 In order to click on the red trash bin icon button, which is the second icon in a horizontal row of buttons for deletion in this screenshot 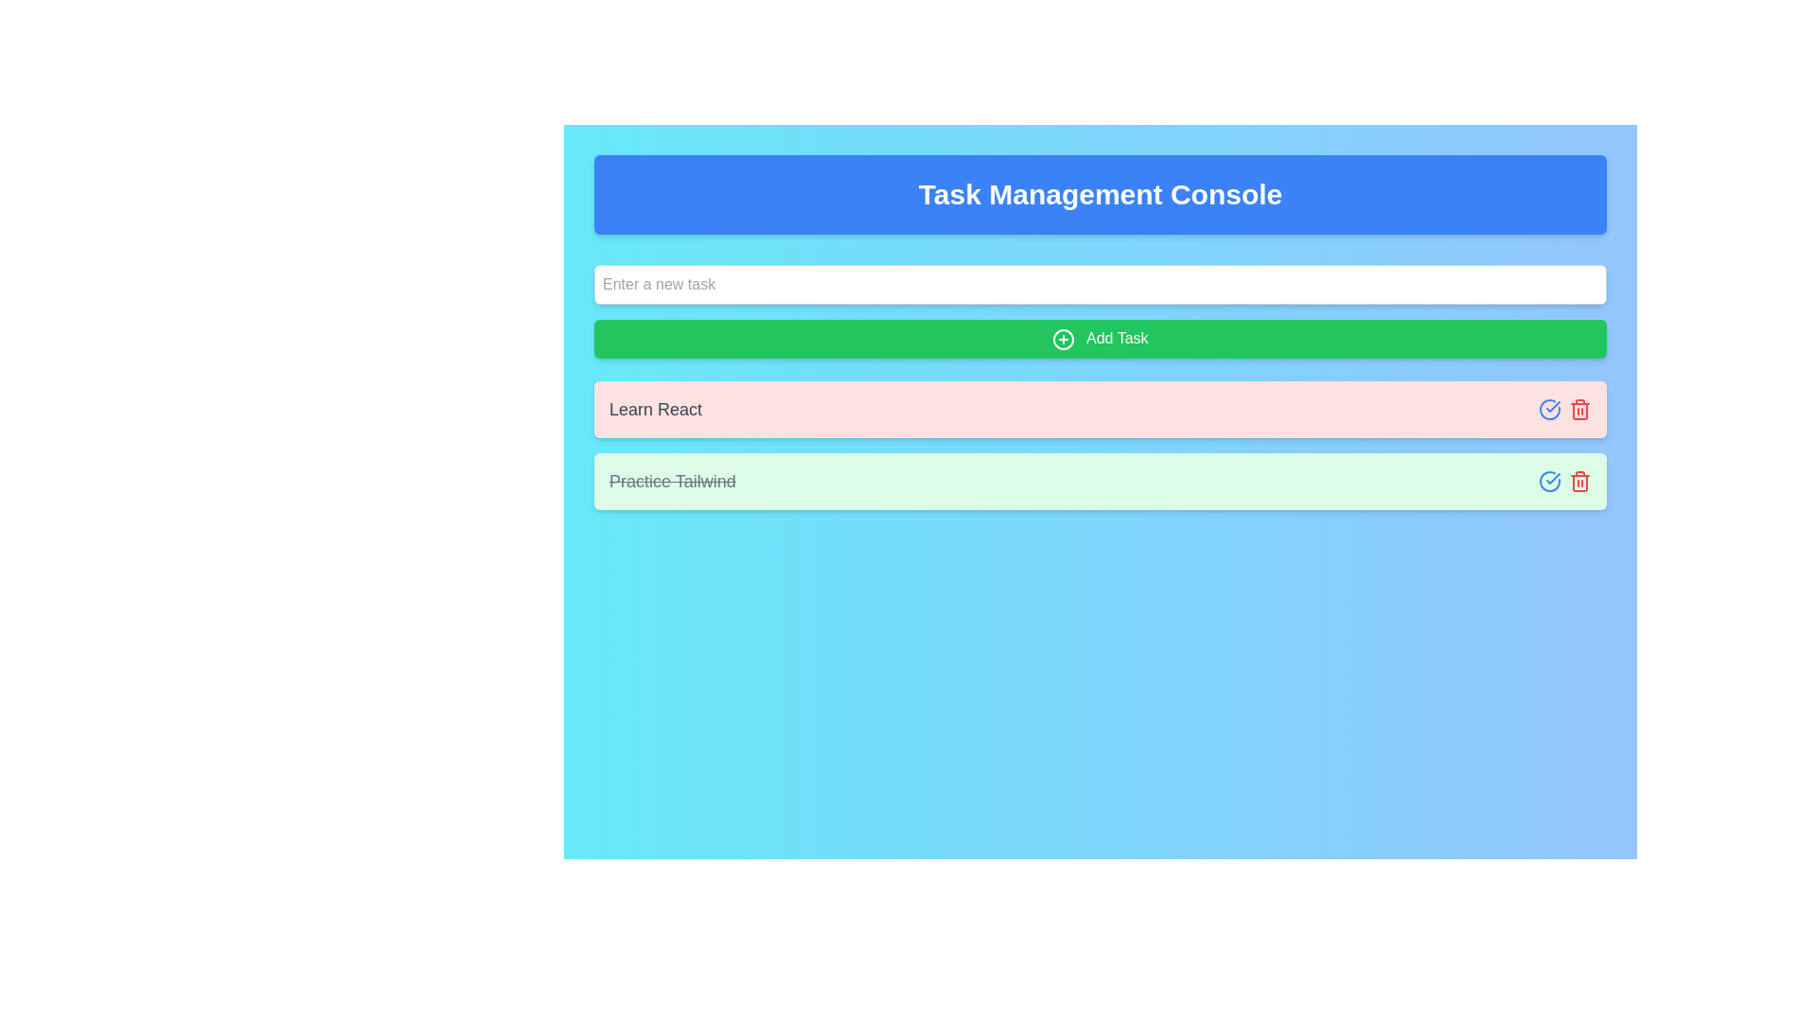, I will do `click(1580, 408)`.